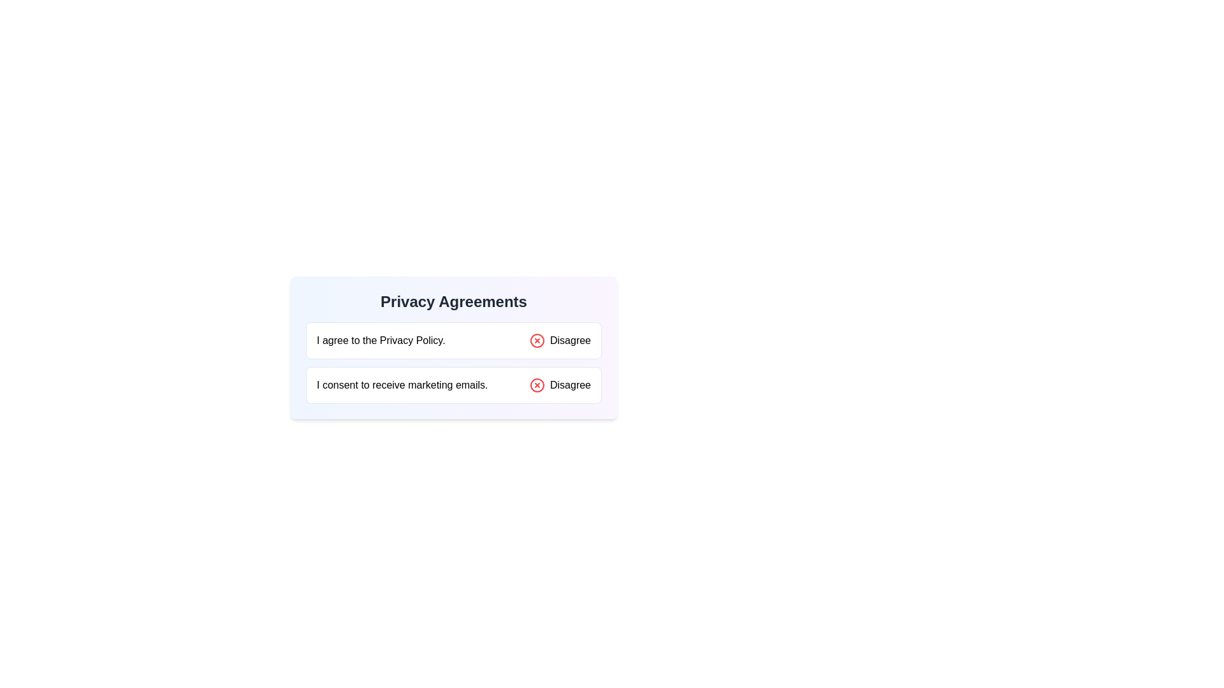 The height and width of the screenshot is (688, 1224). What do you see at coordinates (537, 340) in the screenshot?
I see `the status of the red circular icon with an 'X' inside, located next to the text 'Disagree' at the far-right side of the top row in the layout` at bounding box center [537, 340].